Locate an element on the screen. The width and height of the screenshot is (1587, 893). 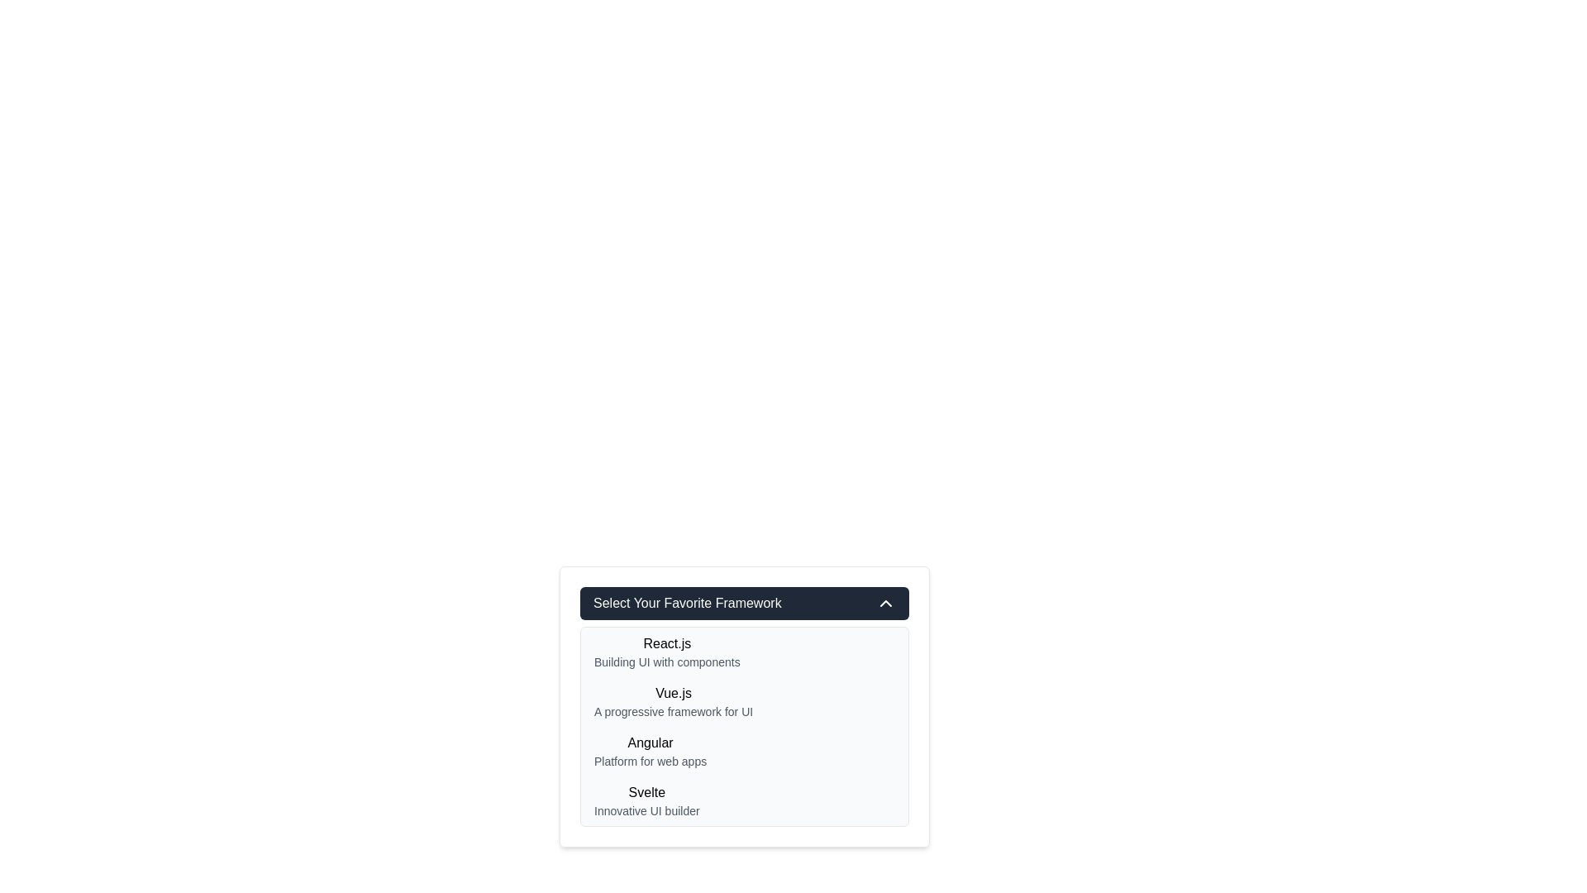
the 'Svelte' option in the dropdown menu titled 'Select Your Favorite Framework' is located at coordinates (646, 800).